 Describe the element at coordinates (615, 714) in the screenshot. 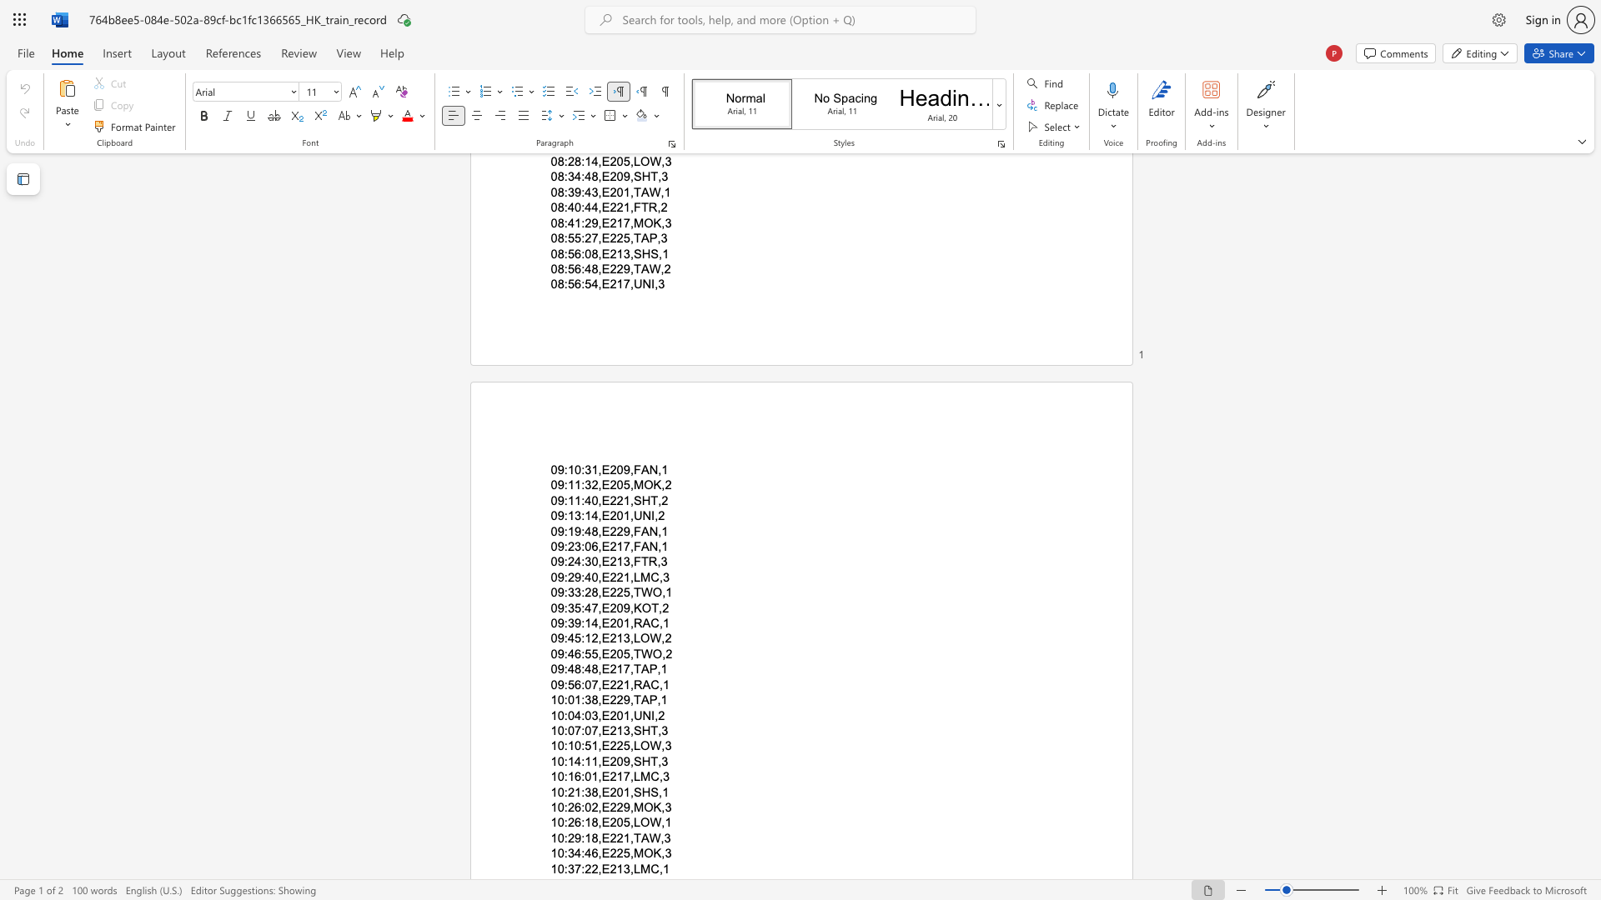

I see `the subset text "01,UNI,2" within the text "10:04:03,E201,UNI,2"` at that location.